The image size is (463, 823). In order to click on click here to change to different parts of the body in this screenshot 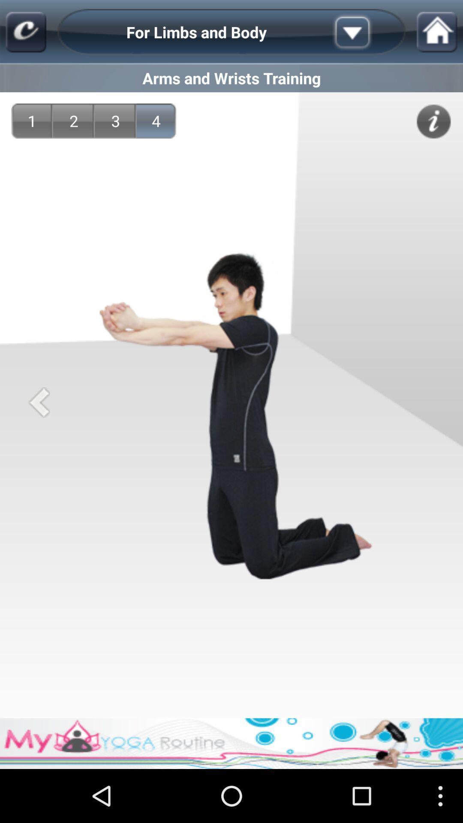, I will do `click(366, 32)`.